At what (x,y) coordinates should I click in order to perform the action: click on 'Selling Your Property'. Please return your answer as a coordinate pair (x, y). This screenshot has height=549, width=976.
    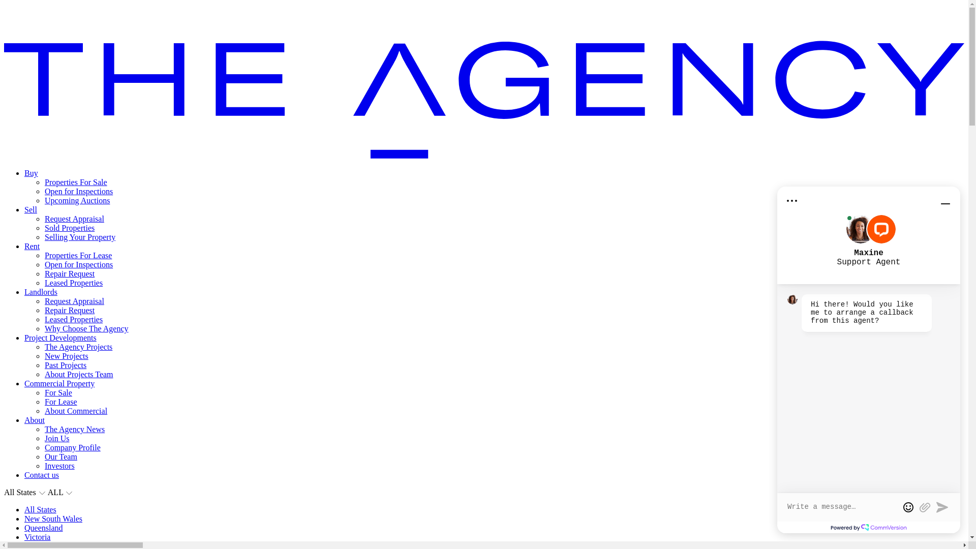
    Looking at the image, I should click on (79, 237).